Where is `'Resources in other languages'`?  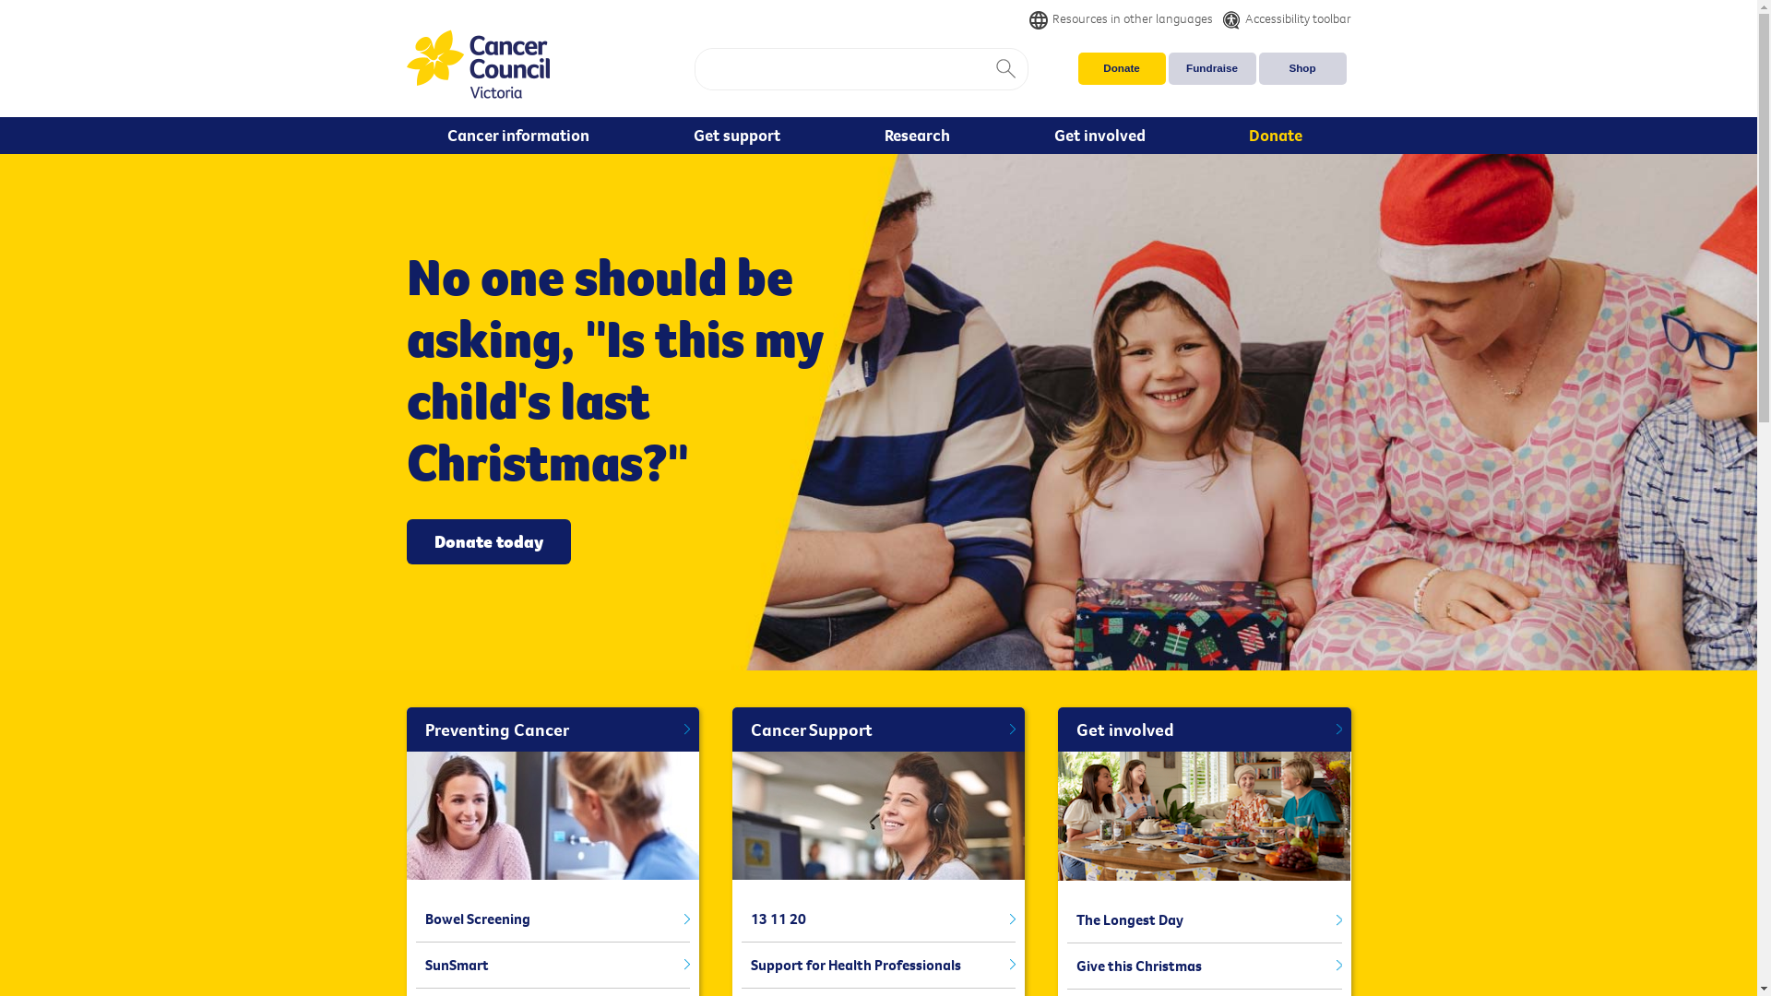 'Resources in other languages' is located at coordinates (1120, 18).